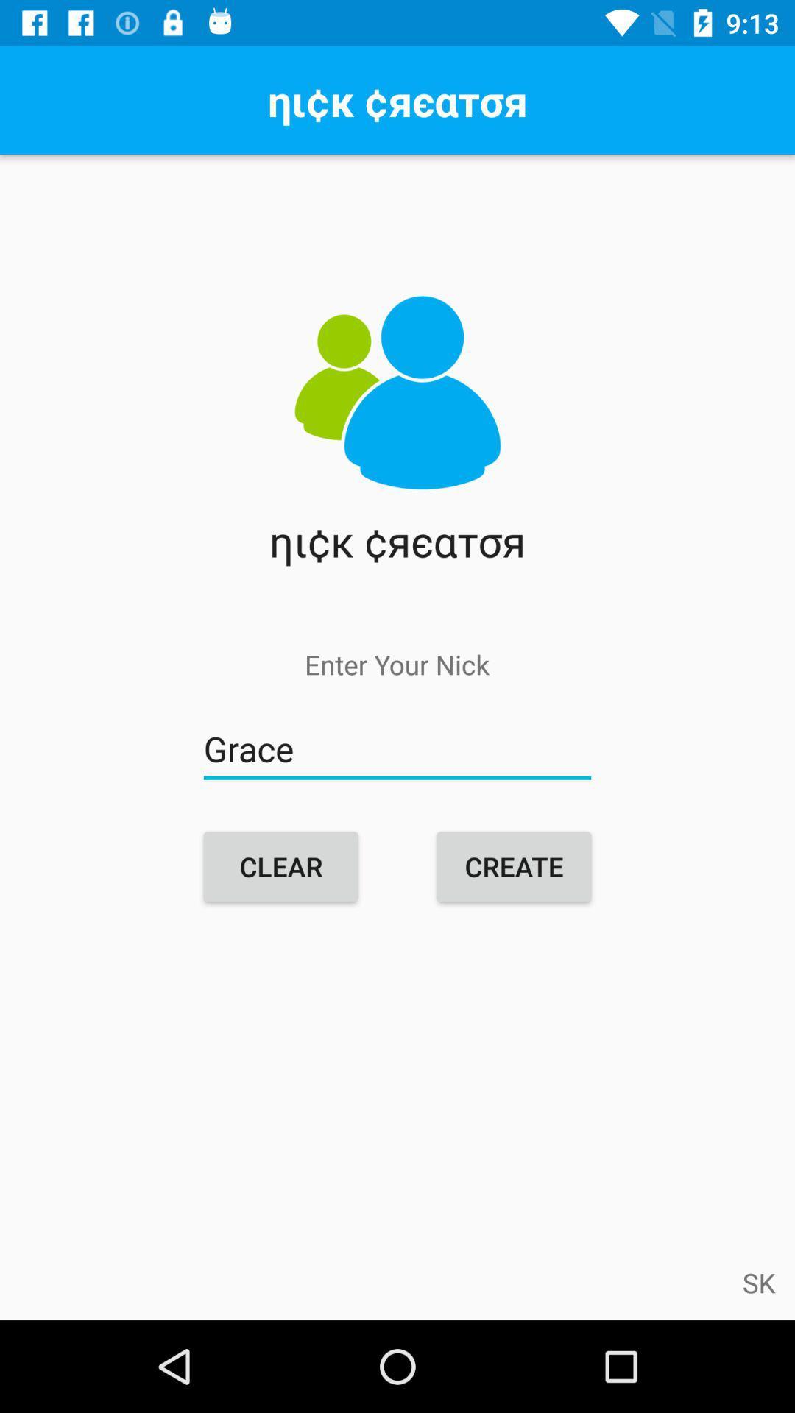 The image size is (795, 1413). What do you see at coordinates (513, 866) in the screenshot?
I see `item next to the clear item` at bounding box center [513, 866].